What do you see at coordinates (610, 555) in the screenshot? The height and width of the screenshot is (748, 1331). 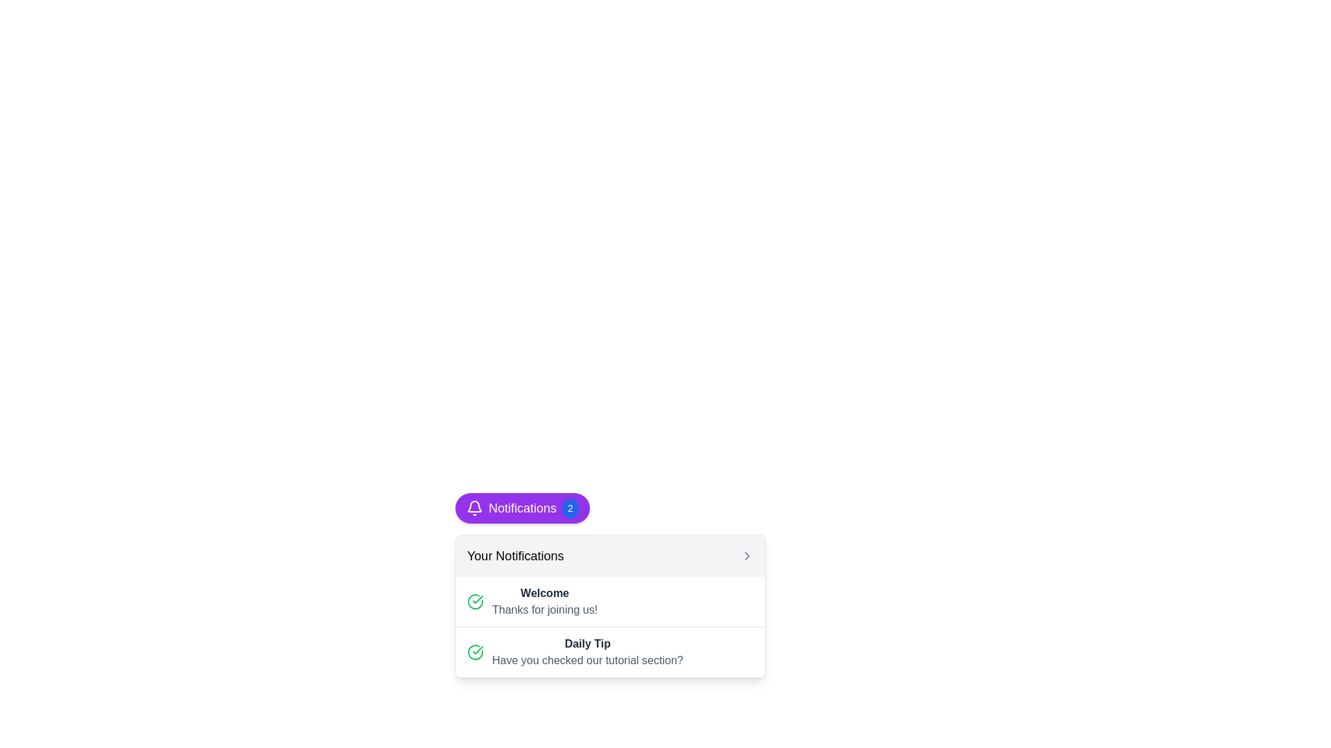 I see `the header element that serves as the title for the notifications section, located at the top of the notification card` at bounding box center [610, 555].